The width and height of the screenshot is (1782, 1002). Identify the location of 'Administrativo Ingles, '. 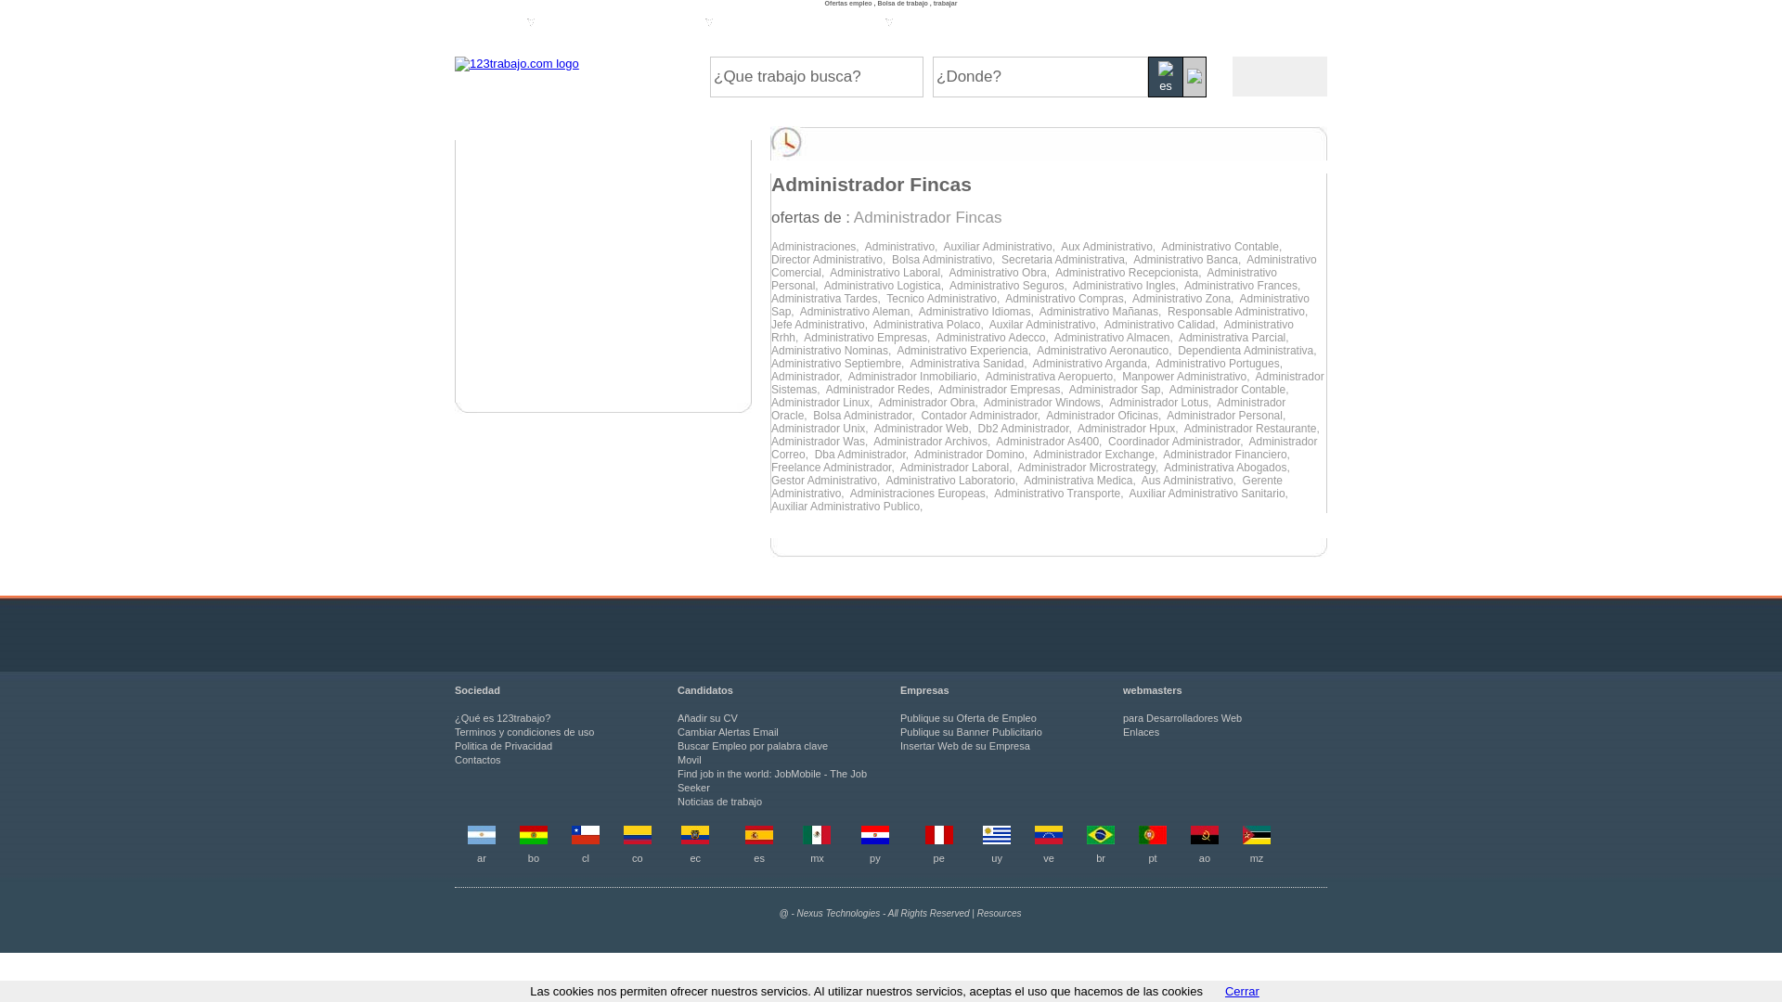
(1127, 286).